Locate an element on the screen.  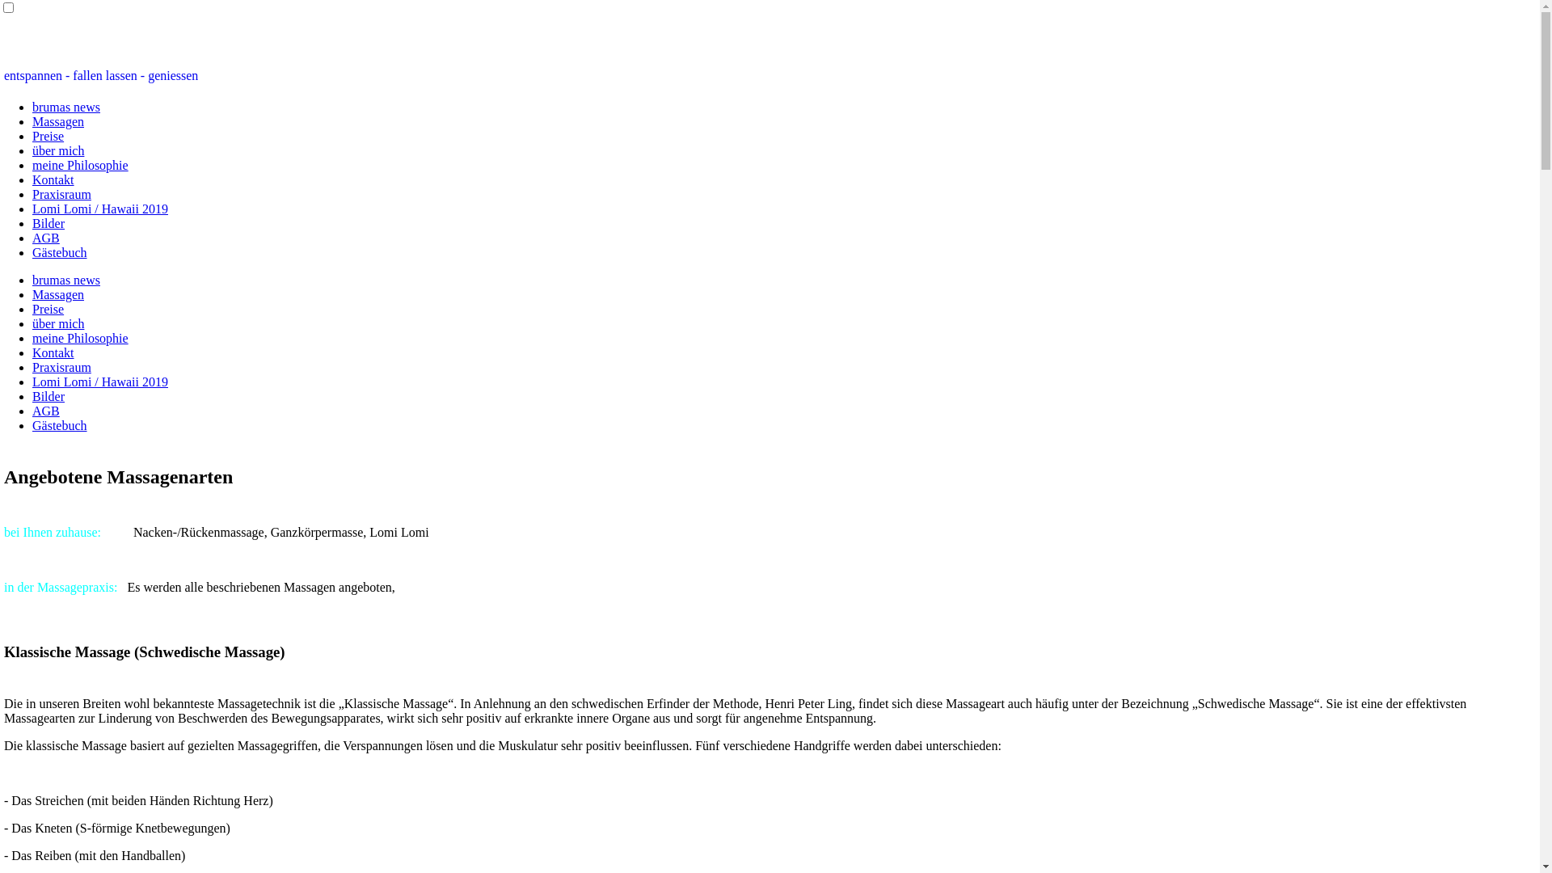
'Kontakt' is located at coordinates (53, 352).